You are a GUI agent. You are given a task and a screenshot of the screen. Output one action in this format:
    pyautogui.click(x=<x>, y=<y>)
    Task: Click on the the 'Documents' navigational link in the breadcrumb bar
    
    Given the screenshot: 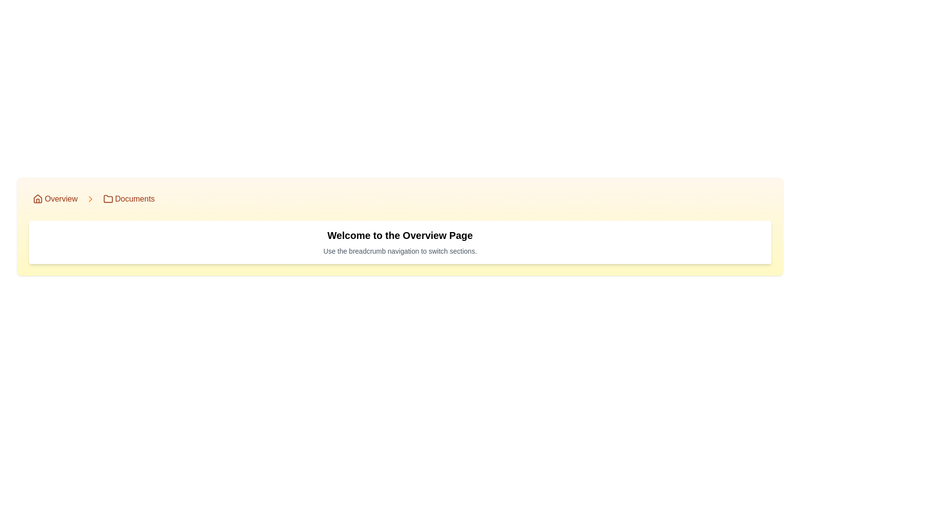 What is the action you would take?
    pyautogui.click(x=134, y=199)
    